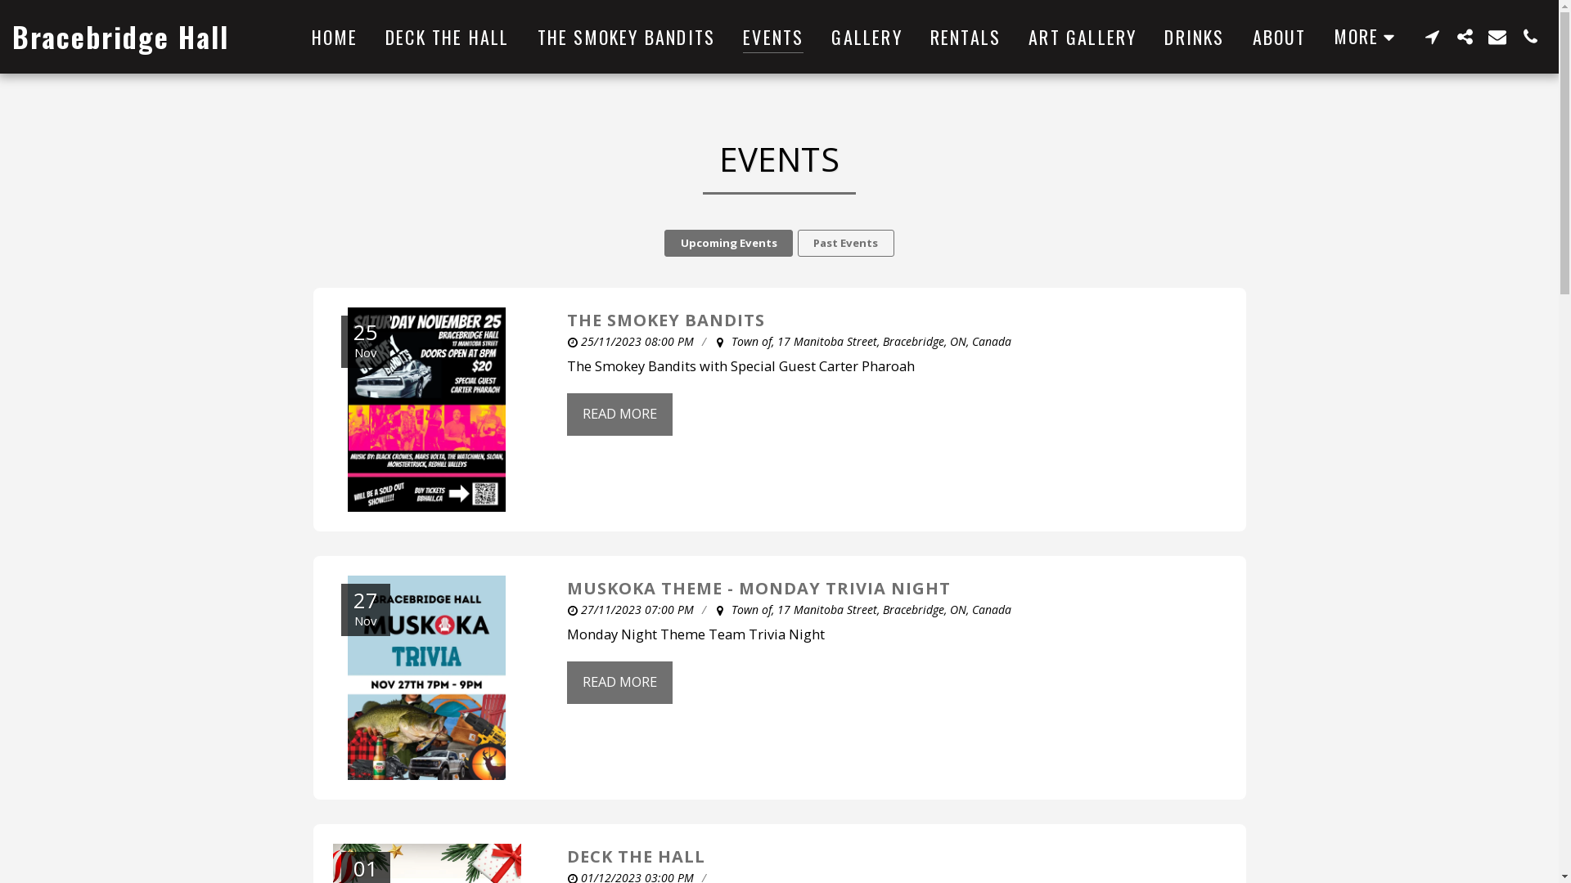 Image resolution: width=1571 pixels, height=883 pixels. Describe the element at coordinates (1083, 37) in the screenshot. I see `'ART GALLERY'` at that location.